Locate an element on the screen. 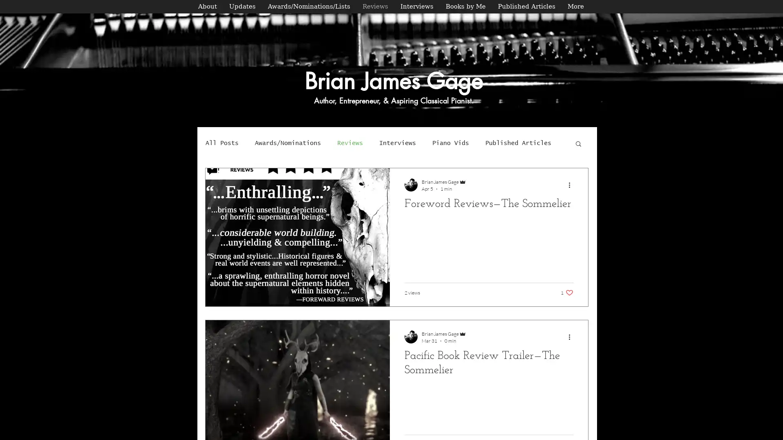 The height and width of the screenshot is (440, 783). Search is located at coordinates (578, 144).